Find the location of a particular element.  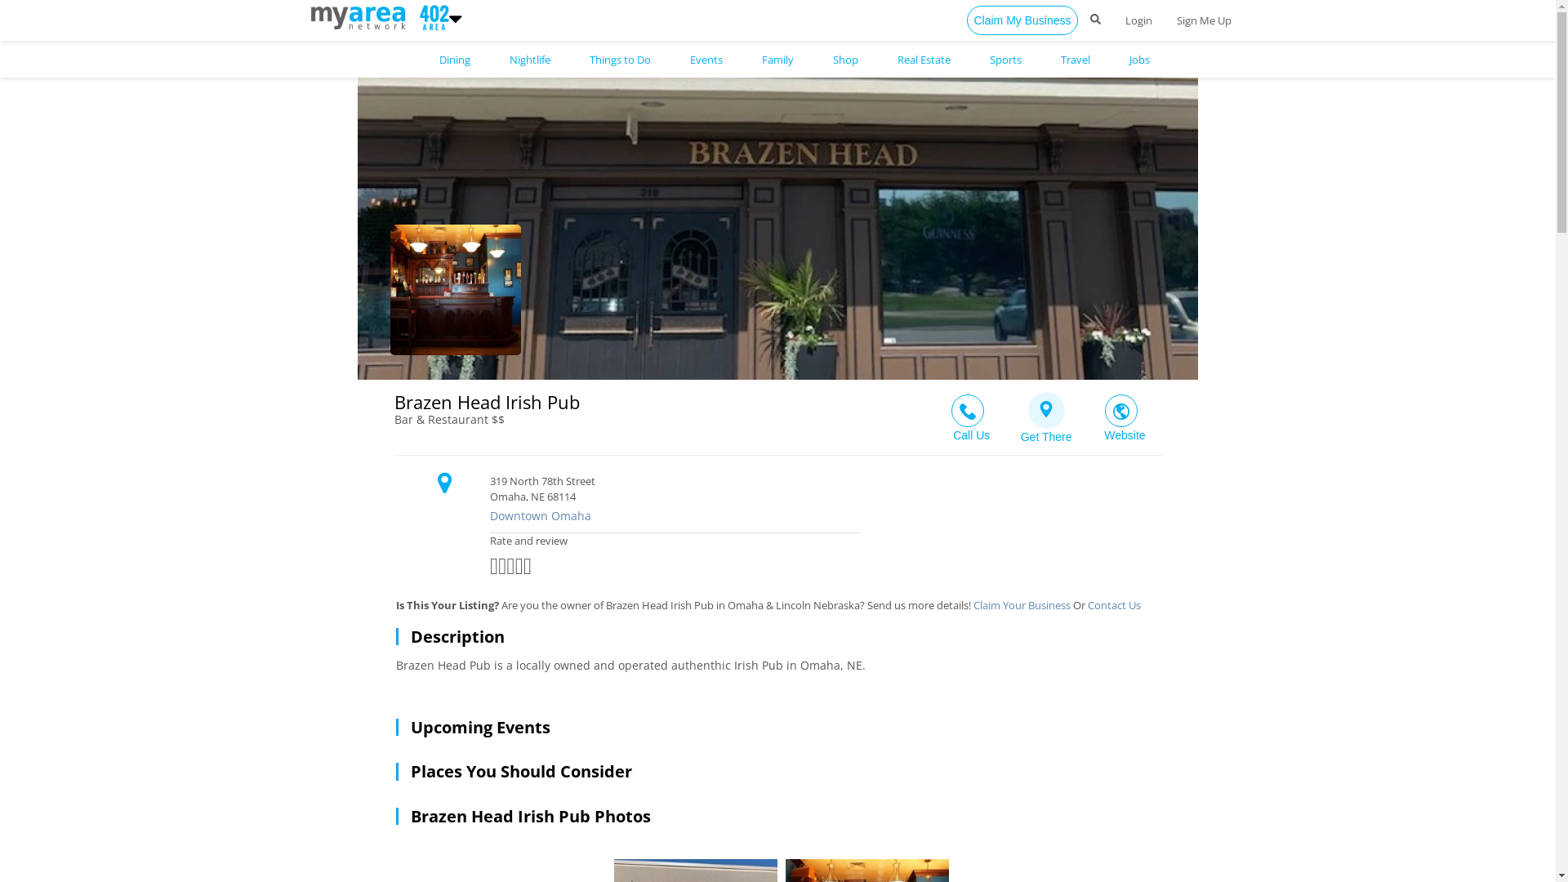

'Contact Us' is located at coordinates (1113, 604).